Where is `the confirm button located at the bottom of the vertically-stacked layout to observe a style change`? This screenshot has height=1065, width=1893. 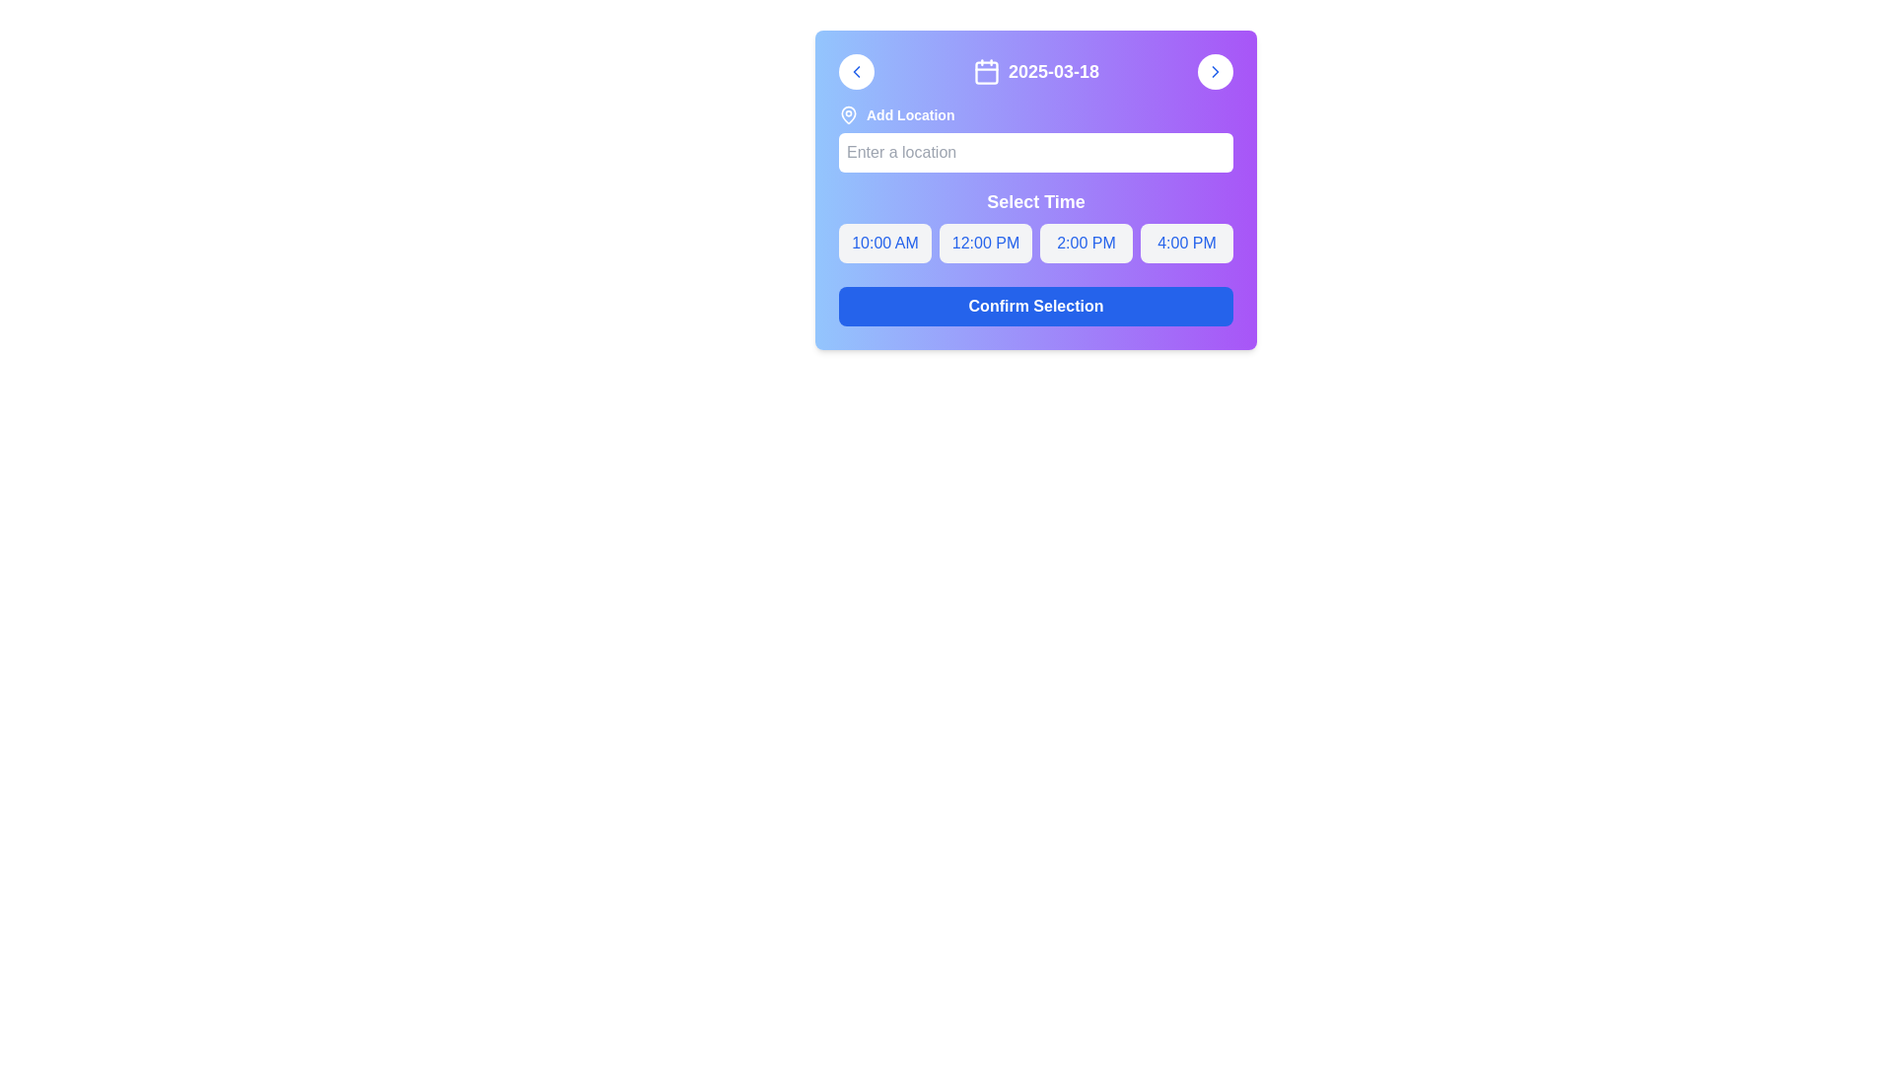
the confirm button located at the bottom of the vertically-stacked layout to observe a style change is located at coordinates (1035, 307).